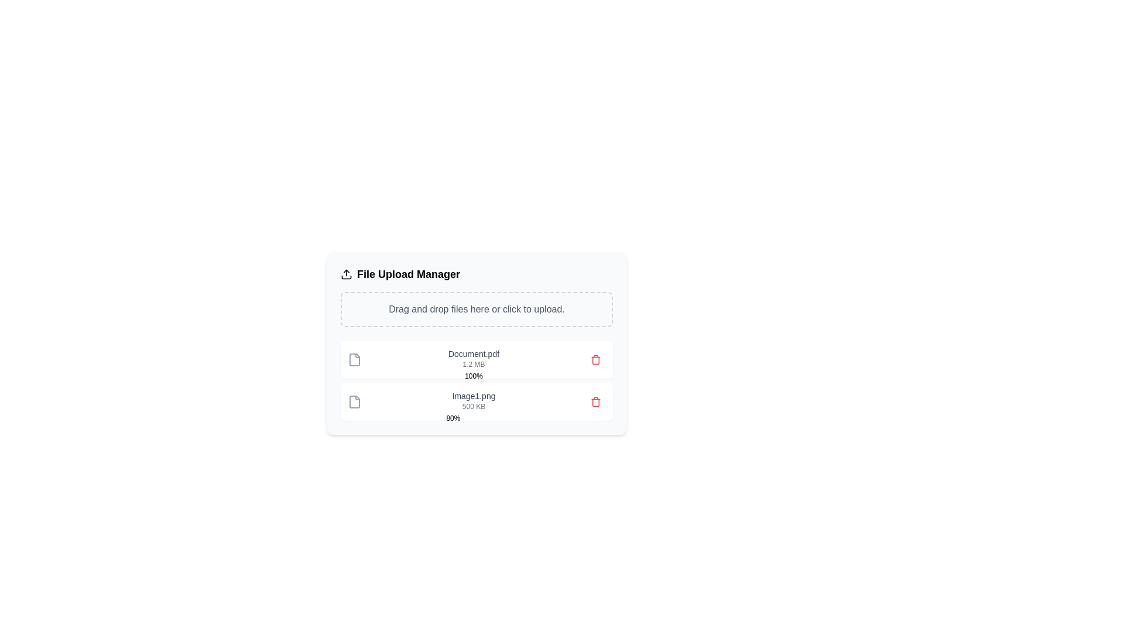 The image size is (1124, 632). Describe the element at coordinates (477, 308) in the screenshot. I see `the text element that instructs users to drag and drop files or click to upload, located in the upper part of the file upload manager UI` at that location.